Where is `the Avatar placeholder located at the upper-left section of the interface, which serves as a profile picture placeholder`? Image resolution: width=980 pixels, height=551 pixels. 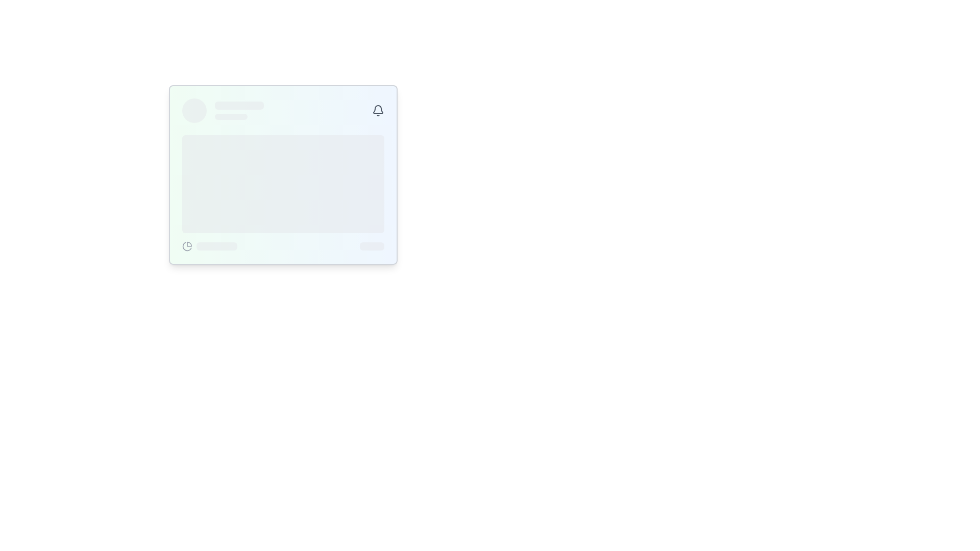 the Avatar placeholder located at the upper-left section of the interface, which serves as a profile picture placeholder is located at coordinates (194, 110).